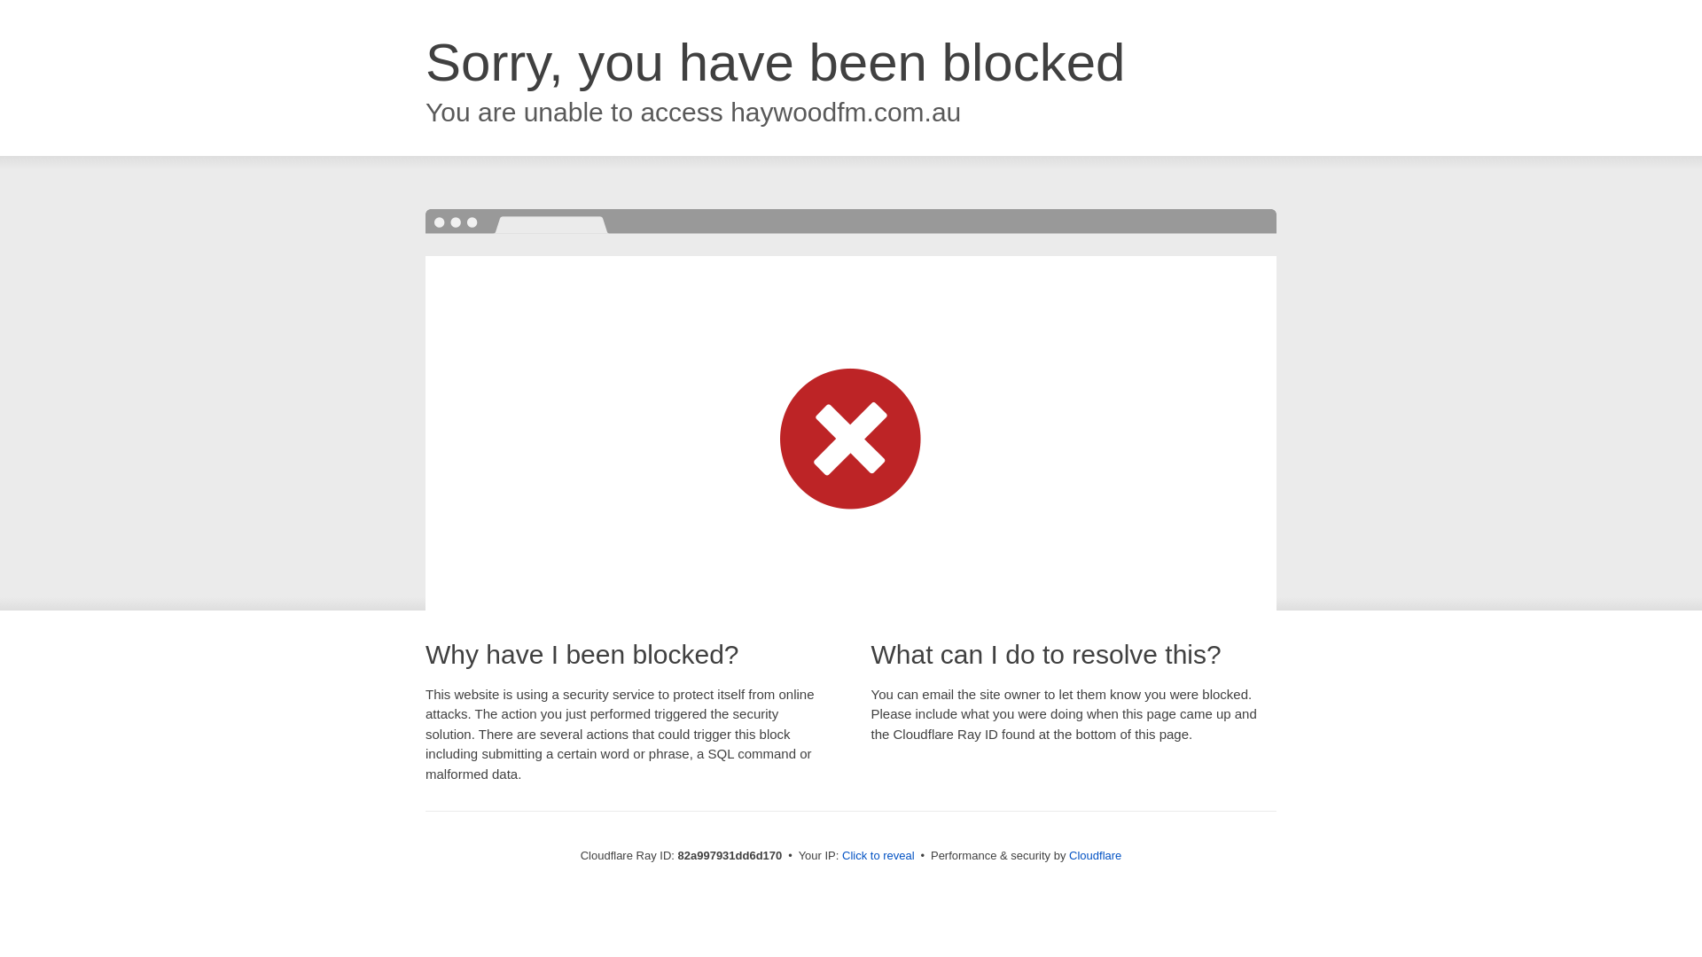 Image resolution: width=1702 pixels, height=957 pixels. Describe the element at coordinates (1094, 854) in the screenshot. I see `'Cloudflare'` at that location.